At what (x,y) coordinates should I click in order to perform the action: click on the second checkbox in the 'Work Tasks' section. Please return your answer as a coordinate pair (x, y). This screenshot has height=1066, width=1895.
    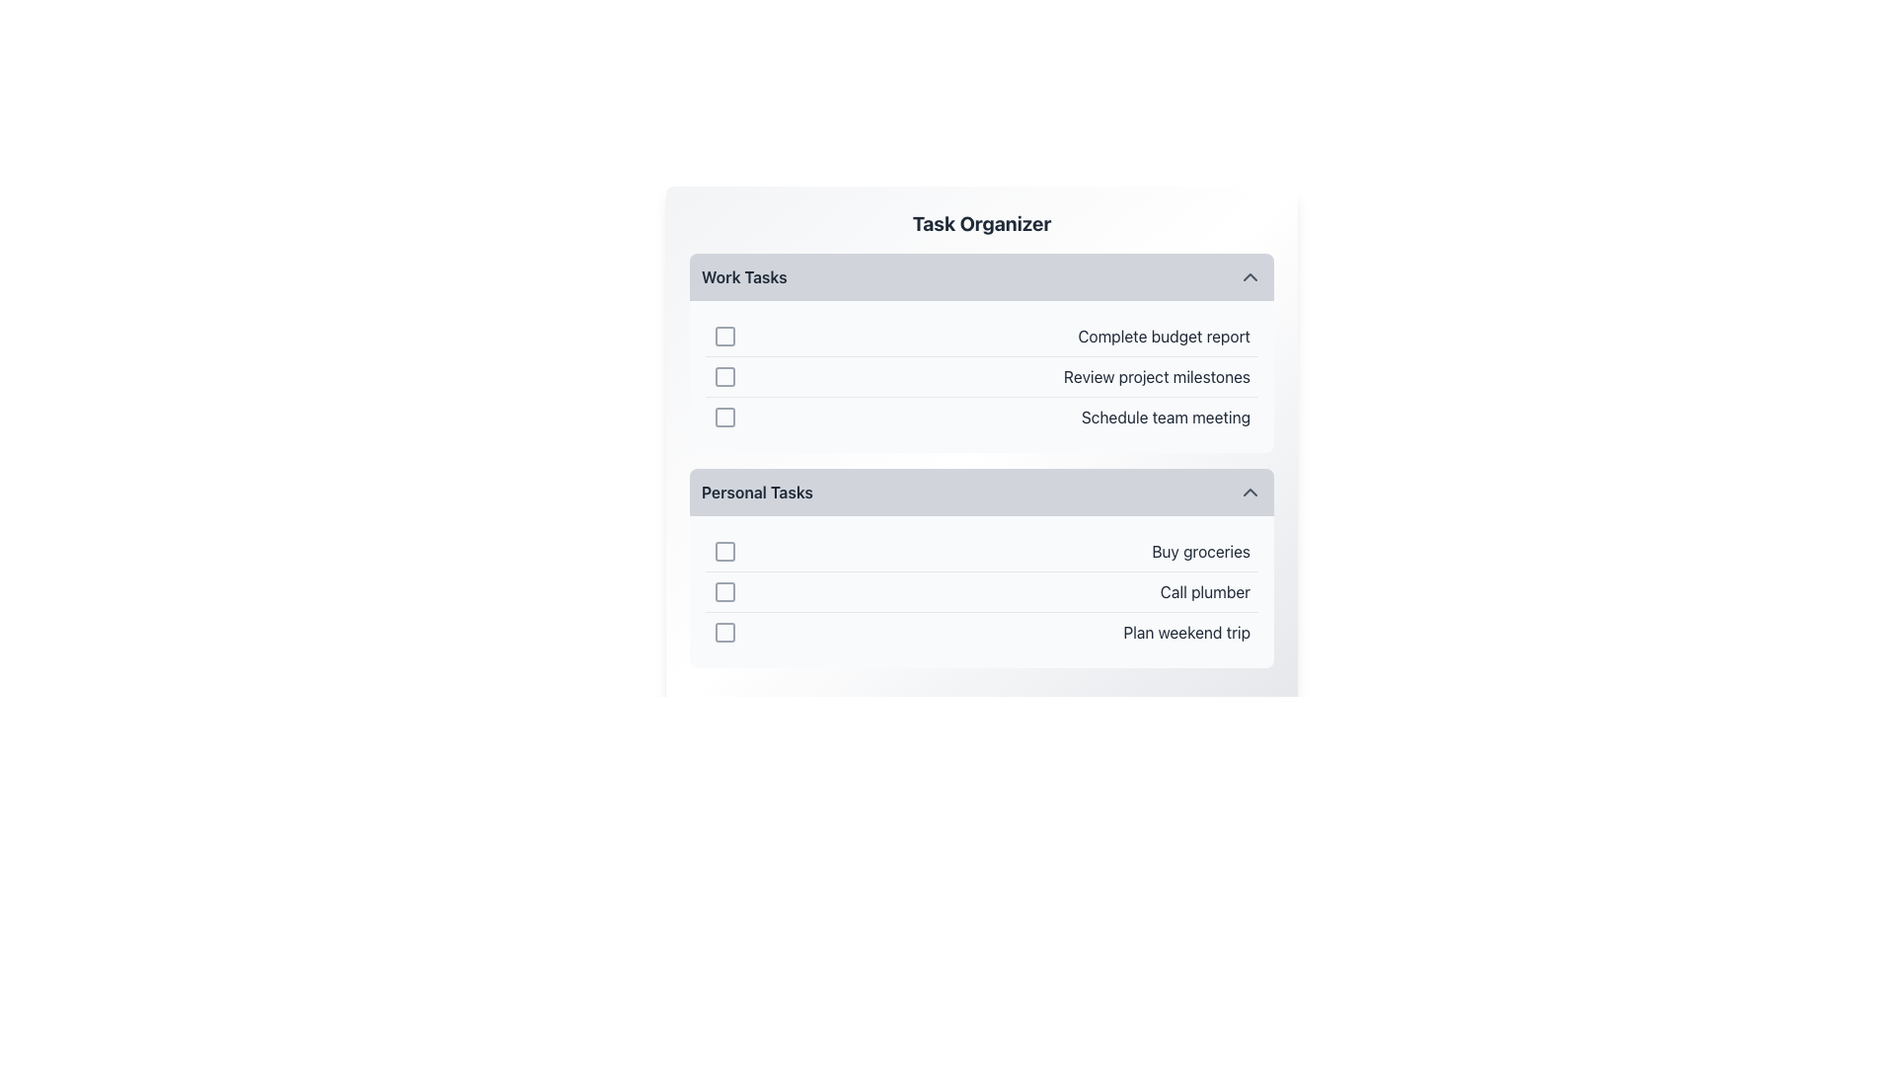
    Looking at the image, I should click on (723, 376).